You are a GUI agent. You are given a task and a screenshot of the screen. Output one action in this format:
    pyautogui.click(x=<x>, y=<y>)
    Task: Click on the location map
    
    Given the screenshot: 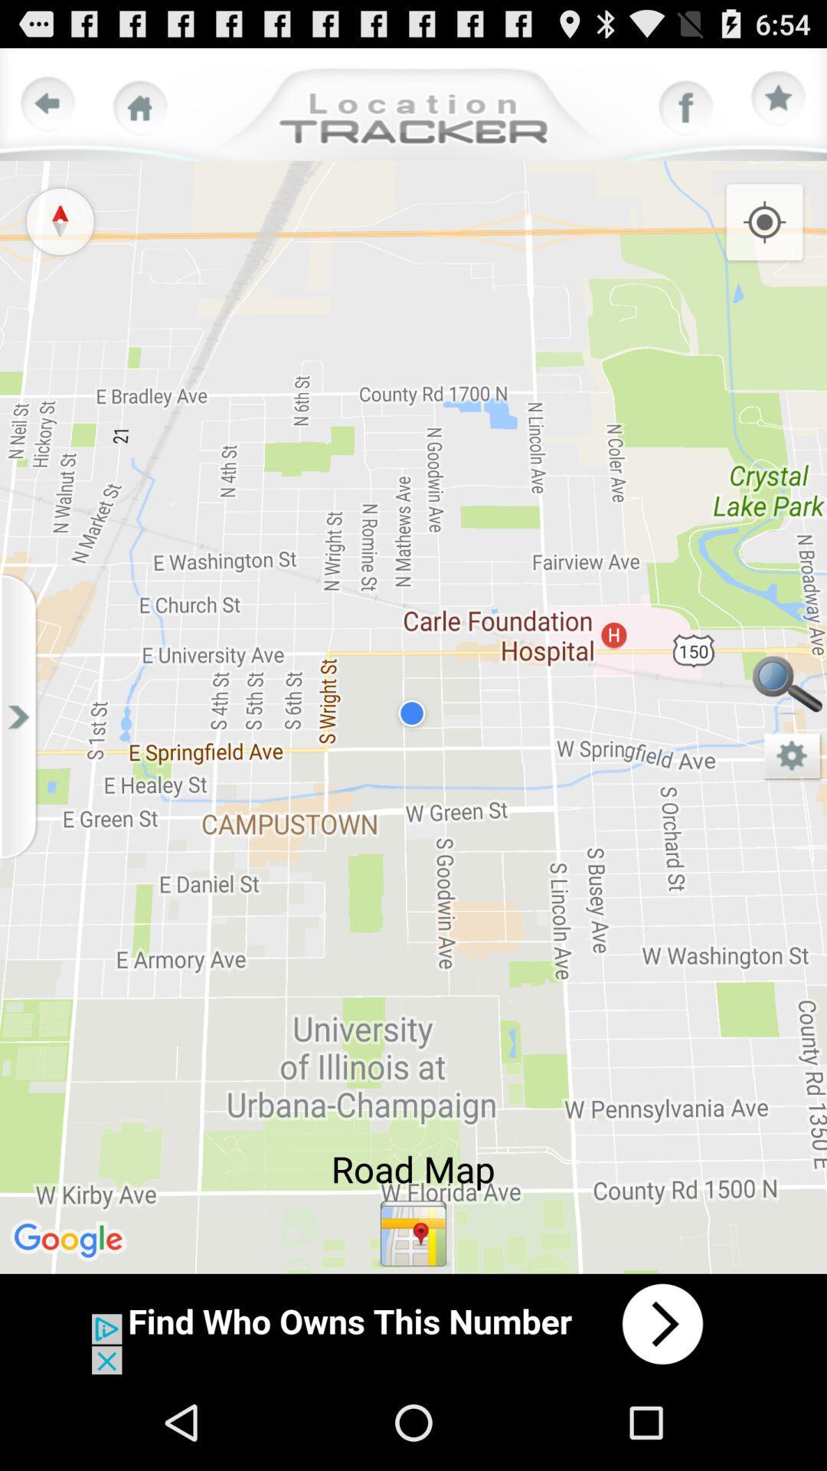 What is the action you would take?
    pyautogui.click(x=413, y=1233)
    